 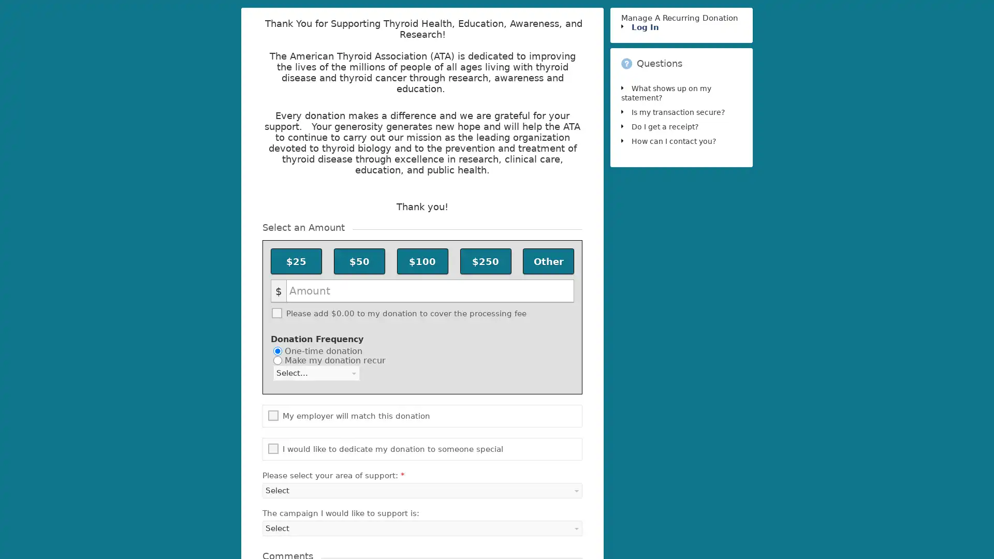 What do you see at coordinates (485, 261) in the screenshot?
I see `$250` at bounding box center [485, 261].